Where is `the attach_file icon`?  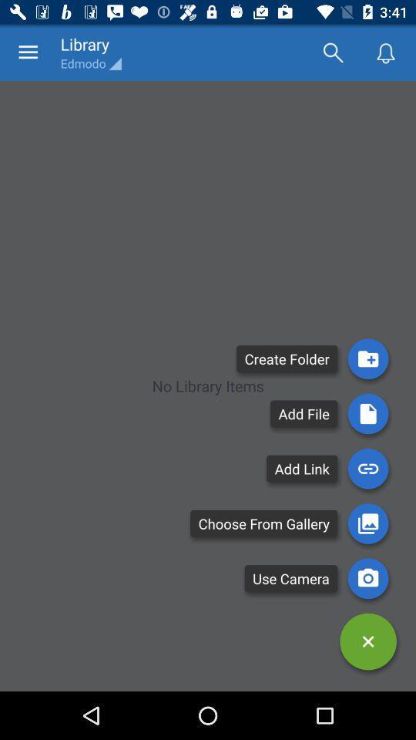 the attach_file icon is located at coordinates (367, 468).